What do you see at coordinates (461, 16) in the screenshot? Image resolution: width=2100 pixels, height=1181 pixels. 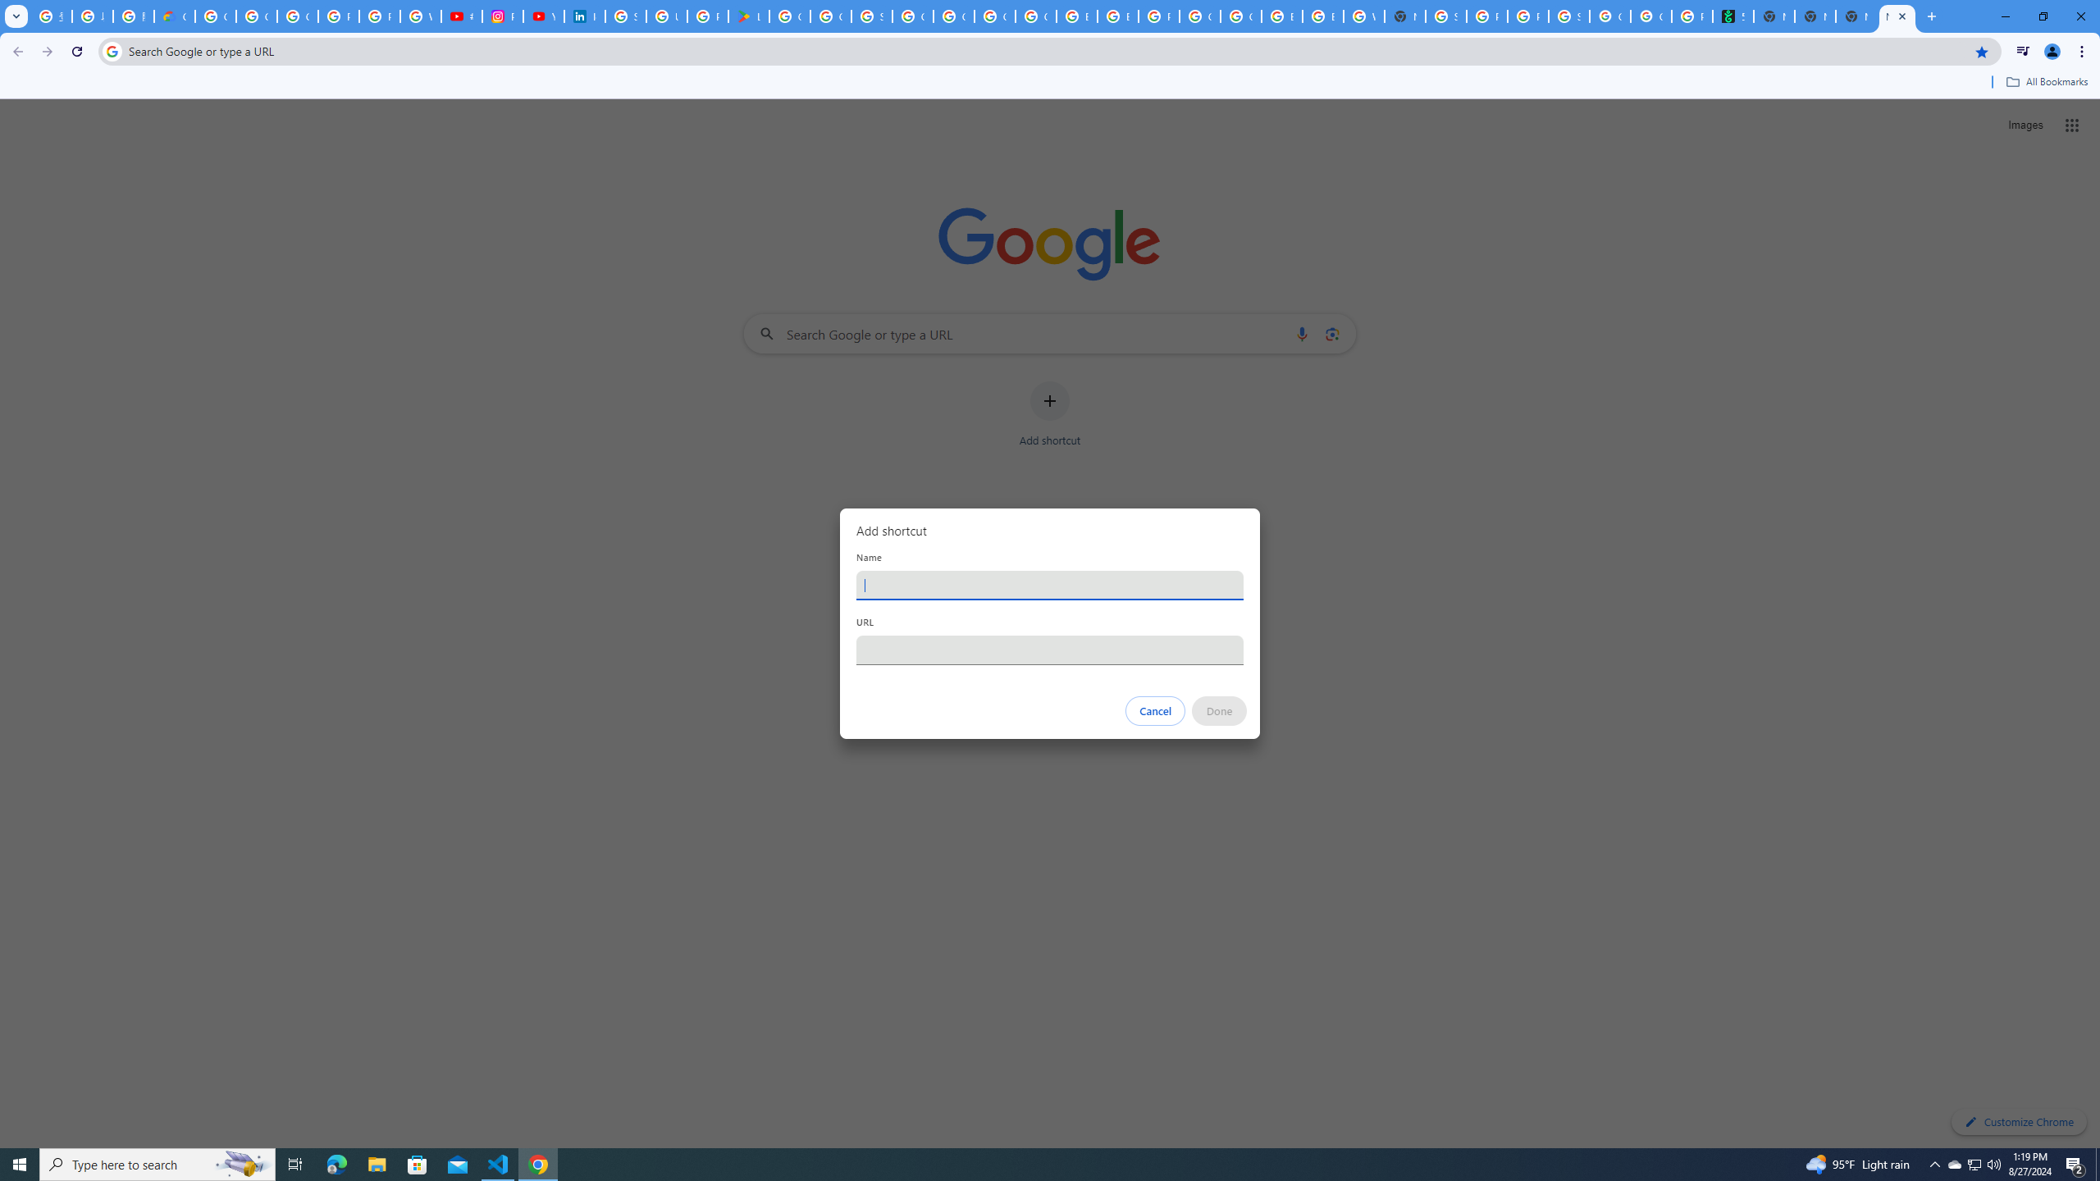 I see `'#nbabasketballhighlights - YouTube'` at bounding box center [461, 16].